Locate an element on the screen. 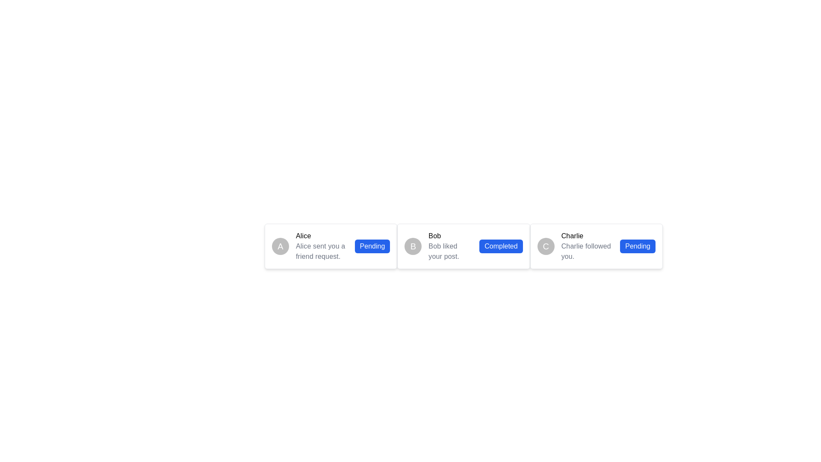 This screenshot has height=462, width=821. the text display element showing the name 'Charlie' followed by 'followed you.' is located at coordinates (587, 246).